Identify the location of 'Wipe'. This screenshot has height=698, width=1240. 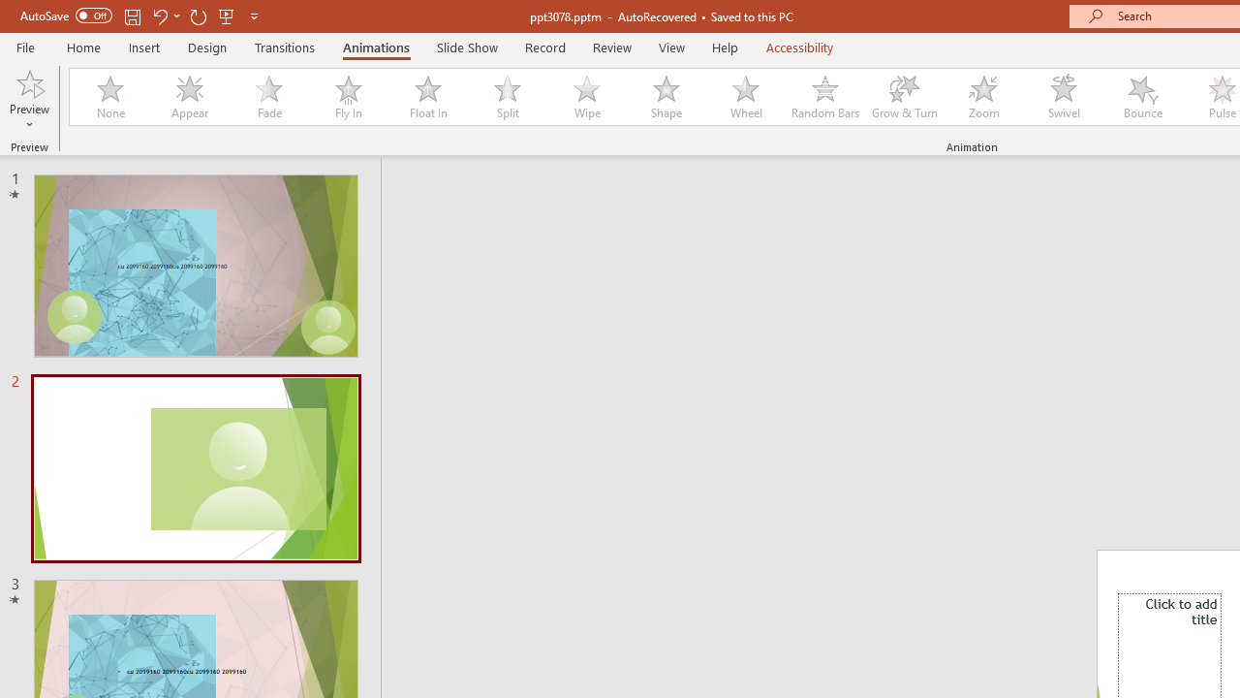
(585, 97).